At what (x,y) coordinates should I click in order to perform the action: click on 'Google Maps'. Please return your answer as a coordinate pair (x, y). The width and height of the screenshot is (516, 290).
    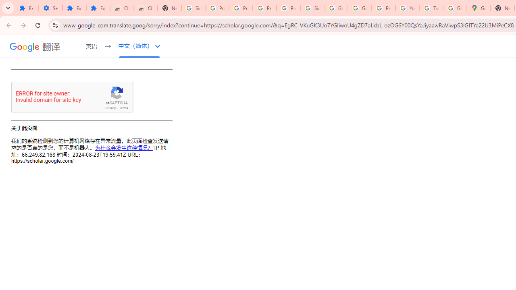
    Looking at the image, I should click on (479, 8).